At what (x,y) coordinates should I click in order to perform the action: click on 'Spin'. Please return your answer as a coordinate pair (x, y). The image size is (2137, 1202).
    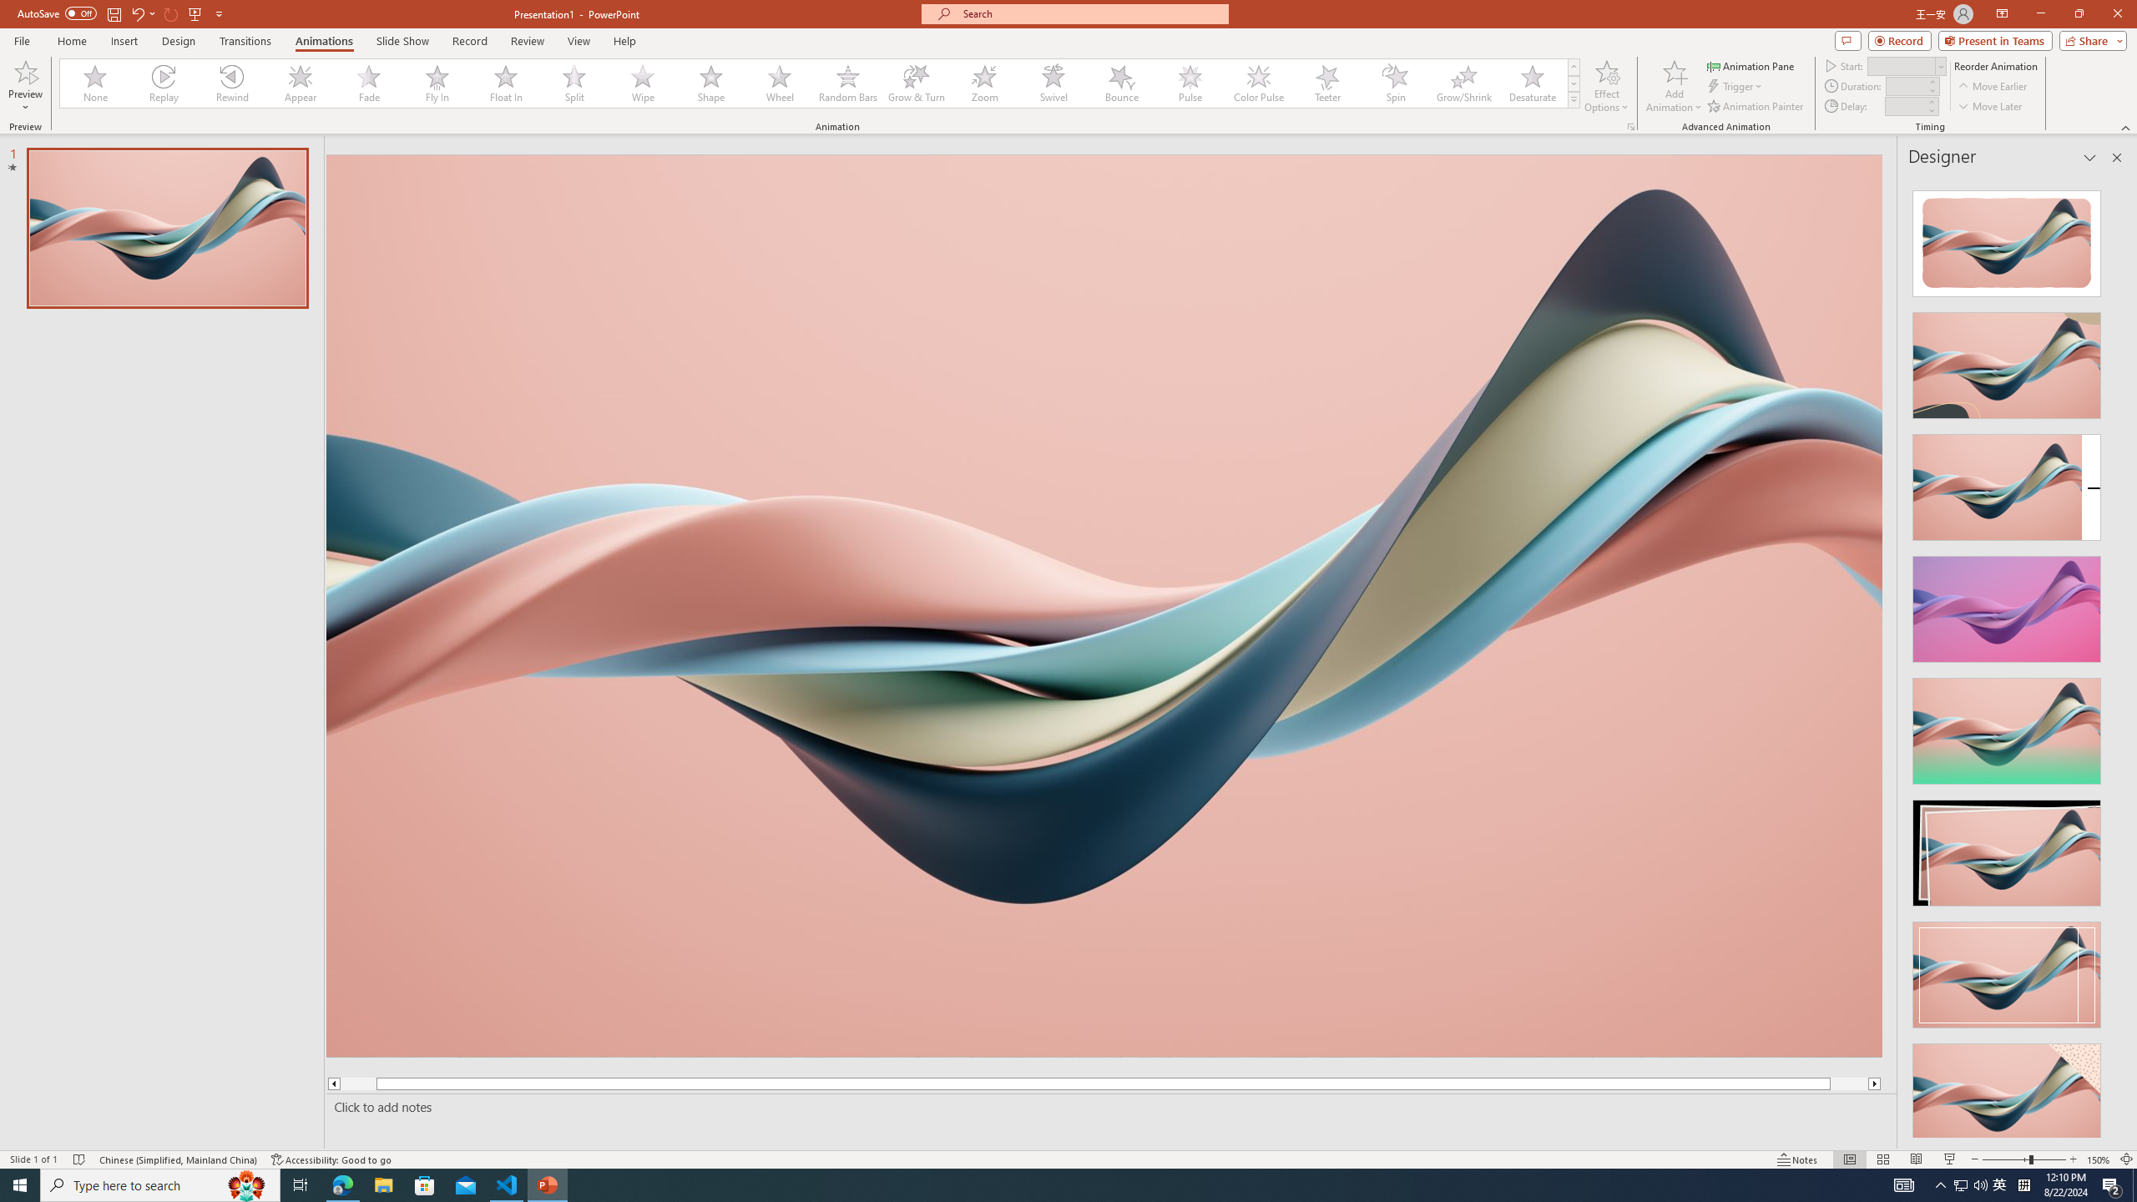
    Looking at the image, I should click on (1395, 83).